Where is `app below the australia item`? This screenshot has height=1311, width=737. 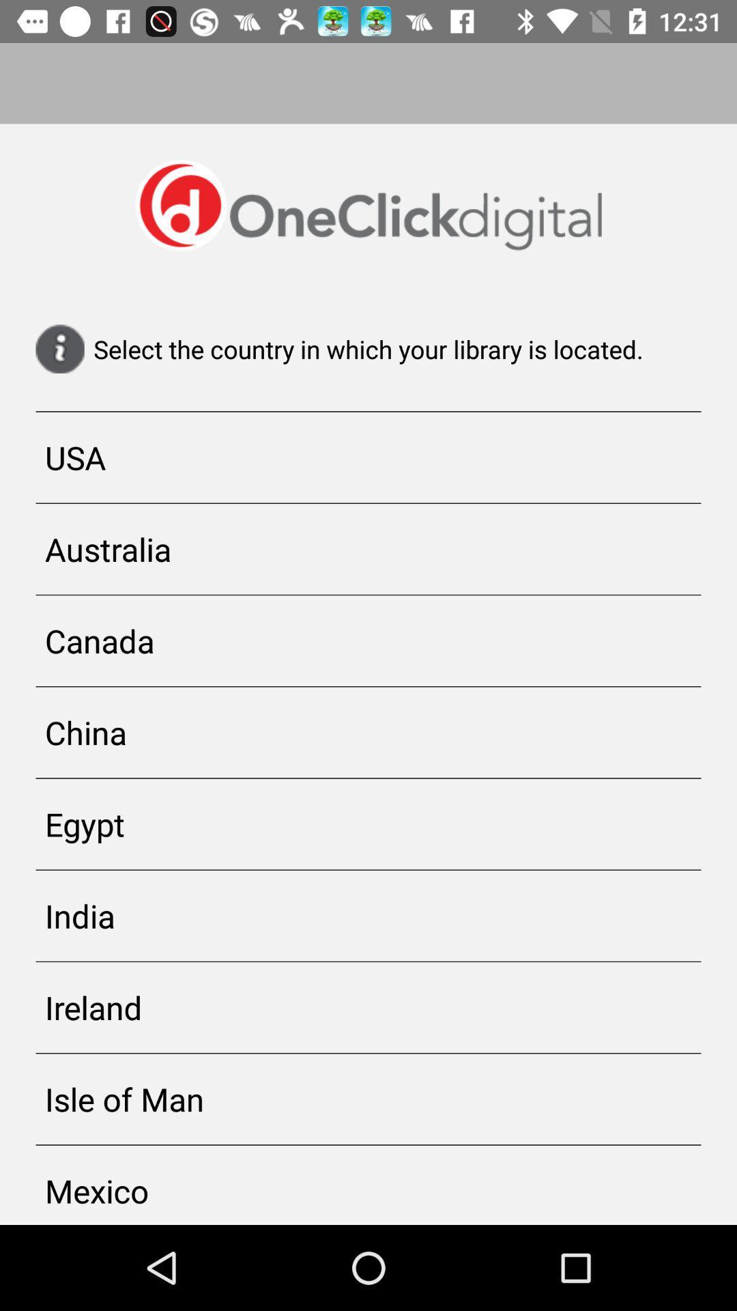
app below the australia item is located at coordinates (369, 640).